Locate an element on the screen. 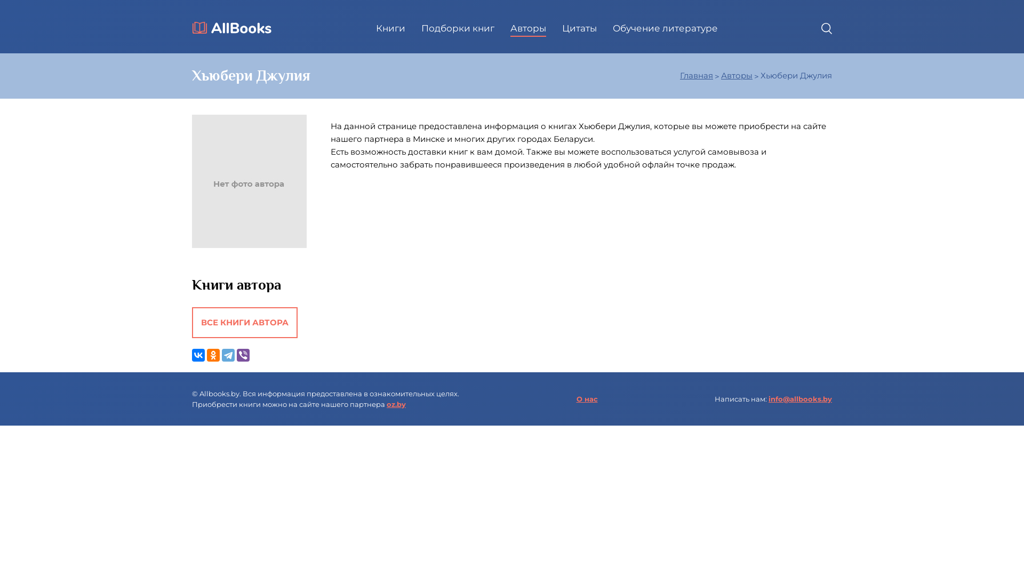 This screenshot has height=576, width=1024. 'info@allbooks.by' is located at coordinates (800, 399).